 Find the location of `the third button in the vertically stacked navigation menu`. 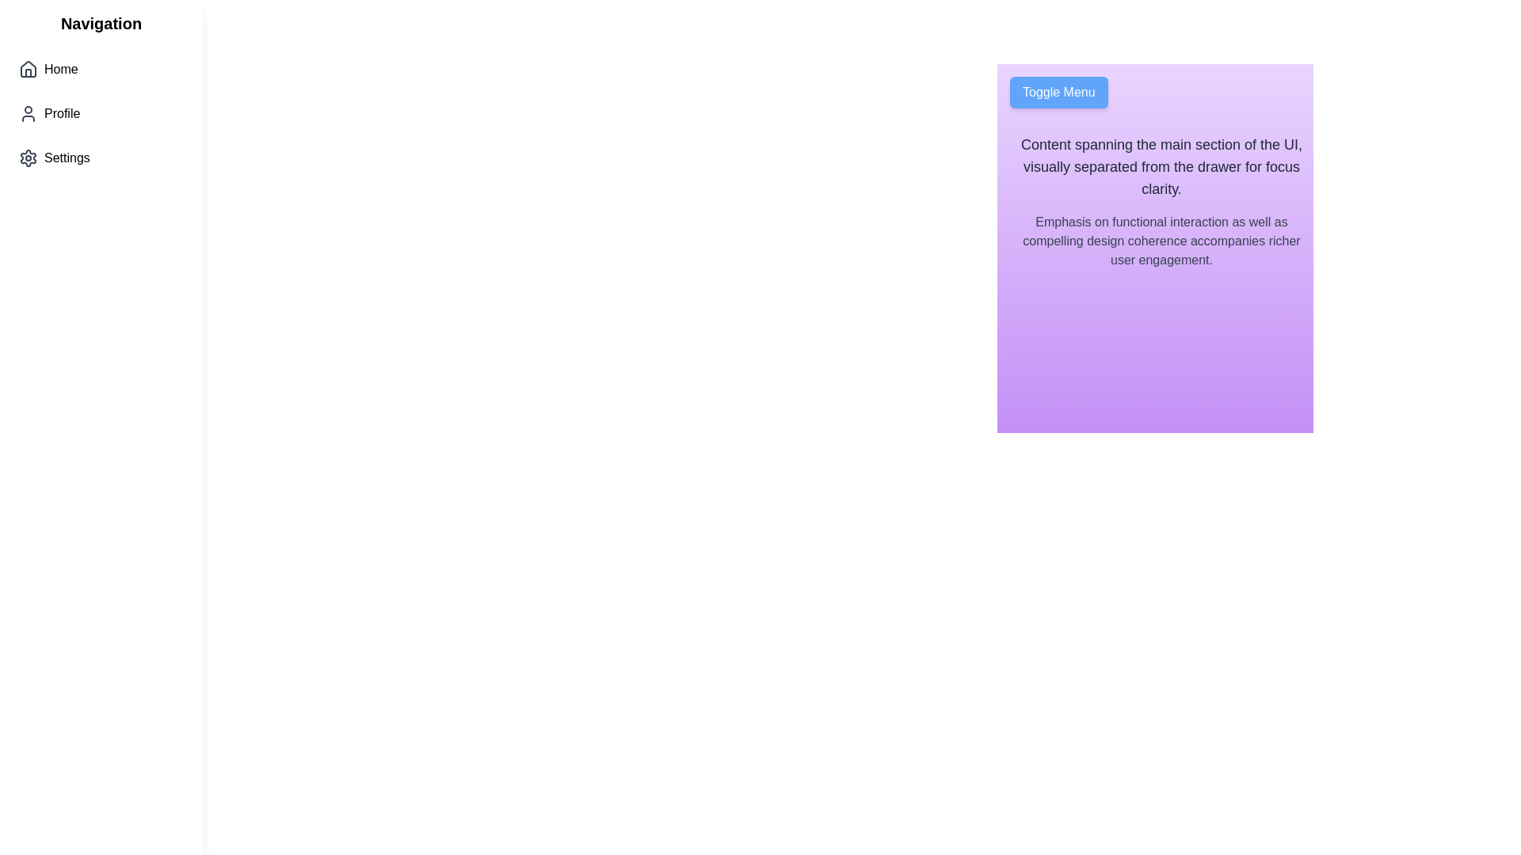

the third button in the vertically stacked navigation menu is located at coordinates (101, 158).